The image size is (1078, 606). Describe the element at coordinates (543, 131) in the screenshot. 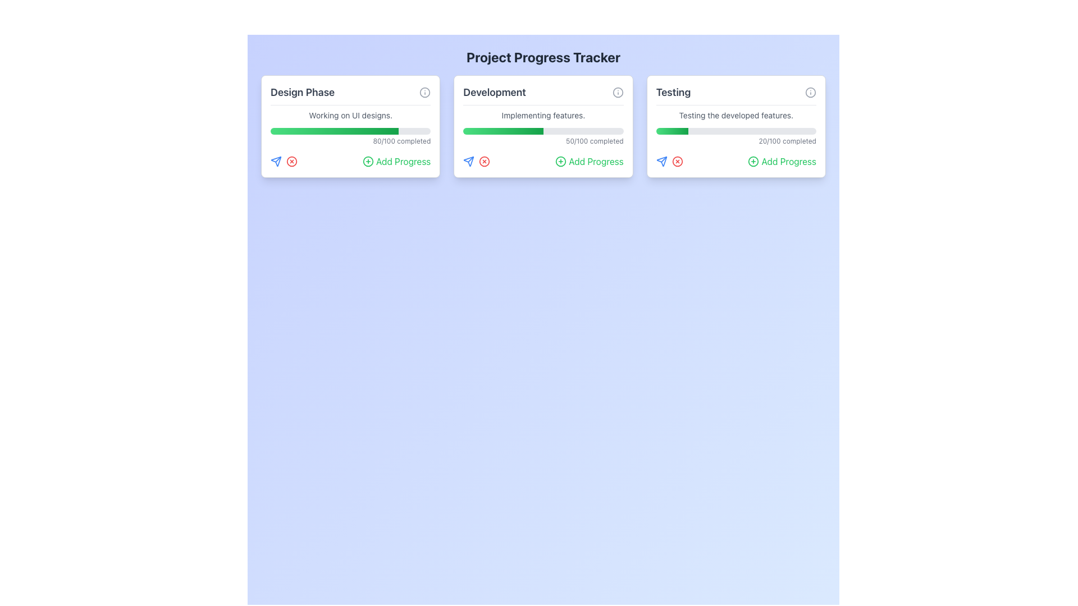

I see `the progress bar located in the 'Development' card, which is styled with a gray base and a green gradient filling, situated below the text 'Implementing features.'` at that location.